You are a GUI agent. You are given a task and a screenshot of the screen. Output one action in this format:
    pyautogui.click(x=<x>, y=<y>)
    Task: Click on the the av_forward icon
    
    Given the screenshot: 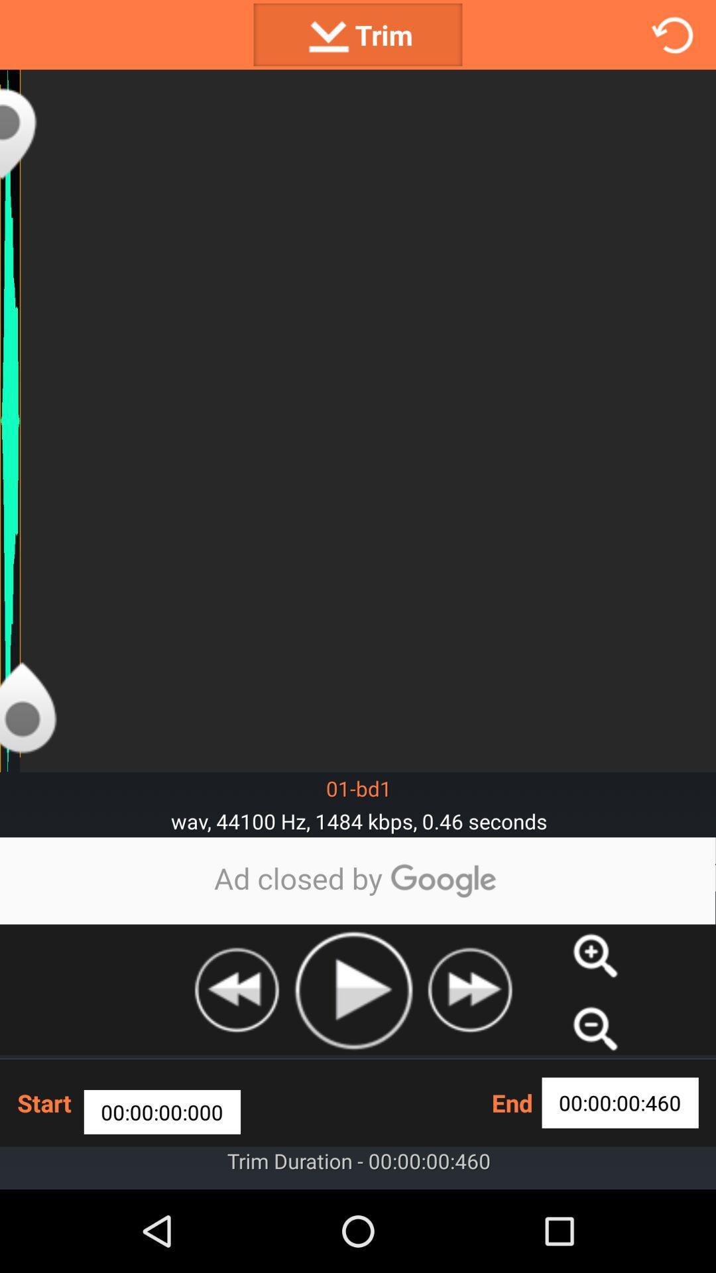 What is the action you would take?
    pyautogui.click(x=469, y=1058)
    